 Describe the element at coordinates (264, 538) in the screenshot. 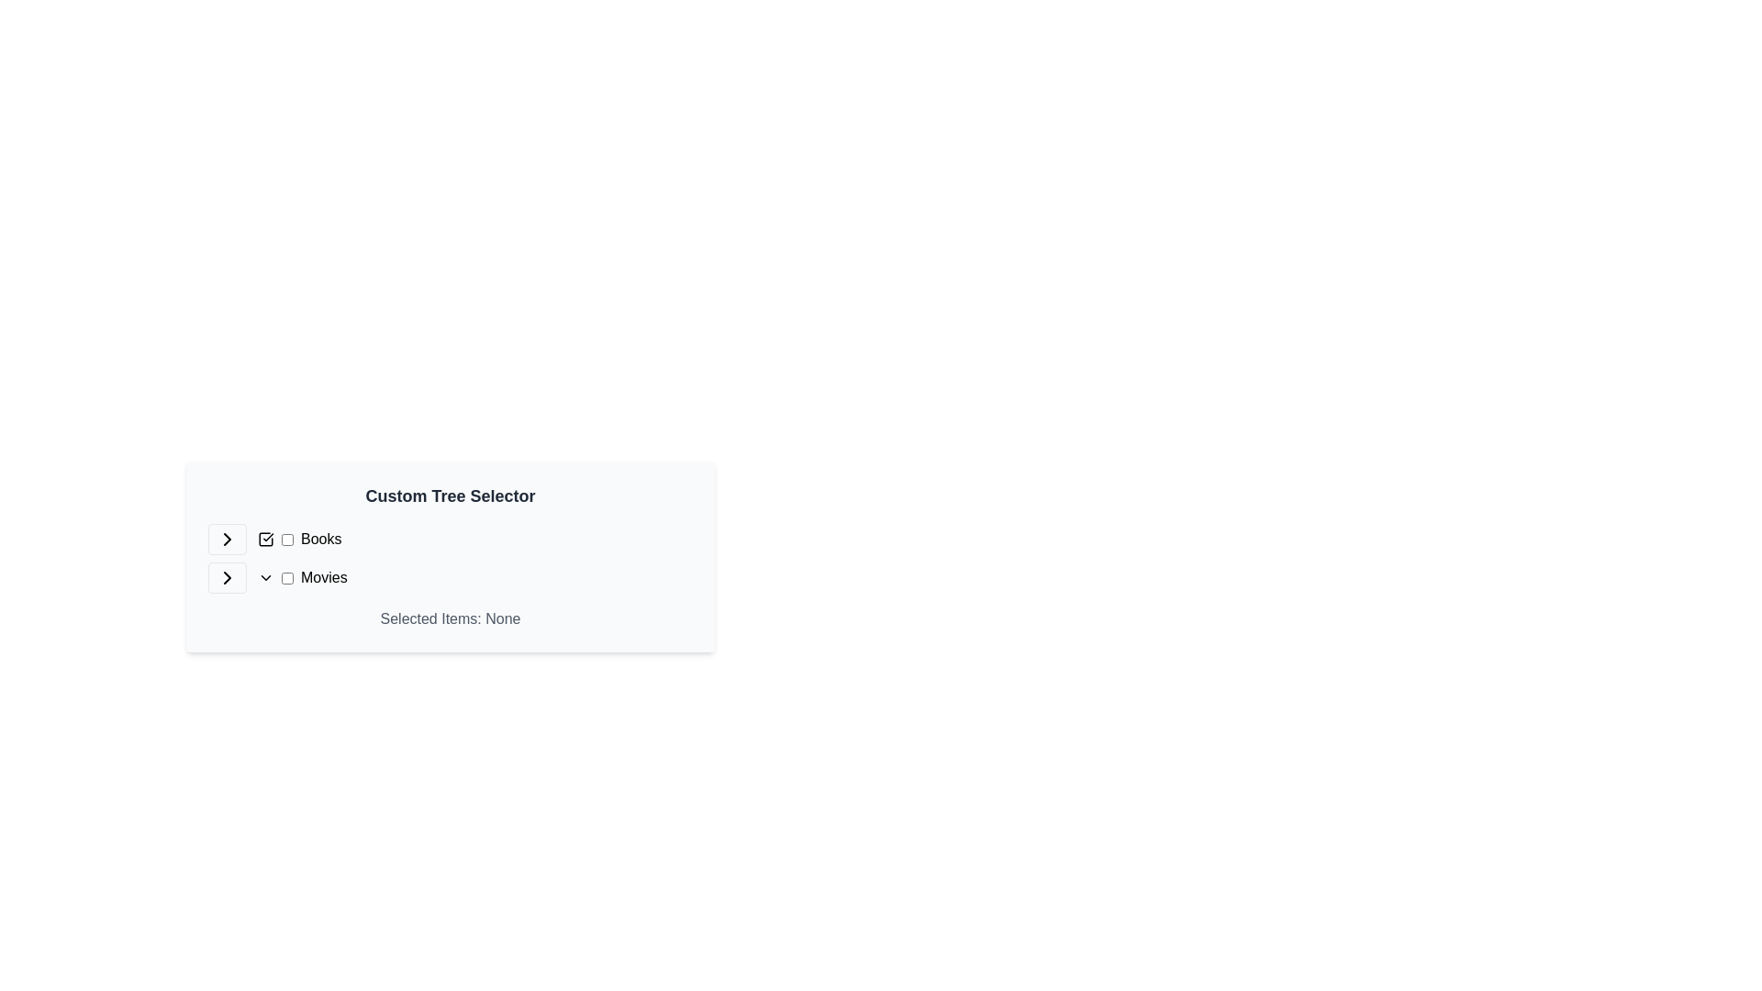

I see `the icon resembling a checked box that is positioned next to the label 'Books' and to the left of a standard checkbox` at that location.